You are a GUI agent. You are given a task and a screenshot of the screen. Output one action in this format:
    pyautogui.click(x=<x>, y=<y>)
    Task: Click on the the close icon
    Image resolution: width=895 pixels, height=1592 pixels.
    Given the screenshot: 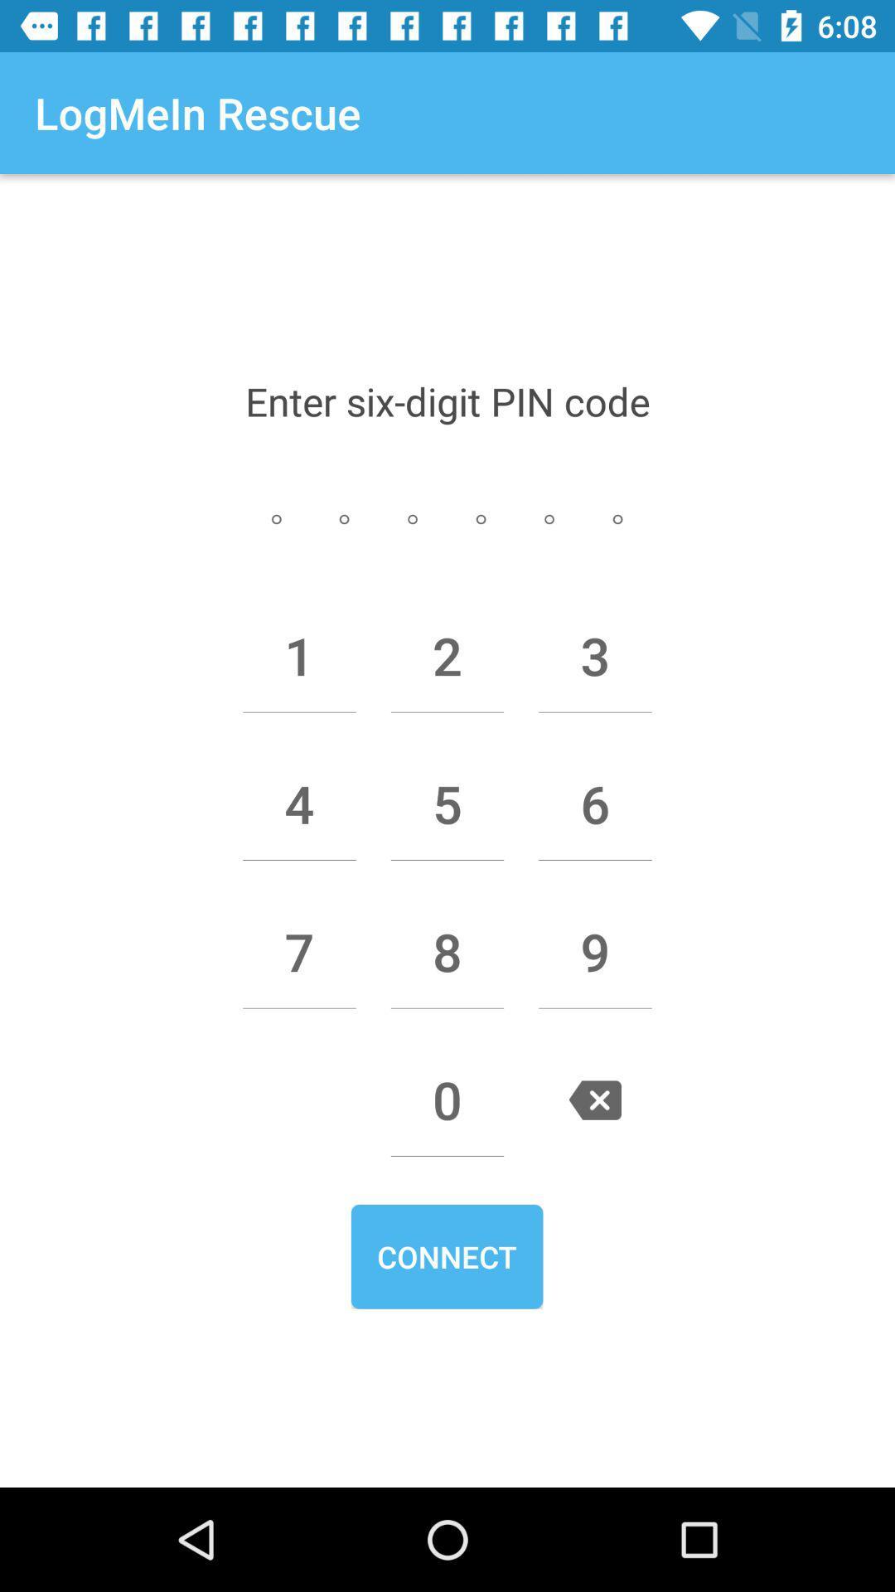 What is the action you would take?
    pyautogui.click(x=594, y=1099)
    